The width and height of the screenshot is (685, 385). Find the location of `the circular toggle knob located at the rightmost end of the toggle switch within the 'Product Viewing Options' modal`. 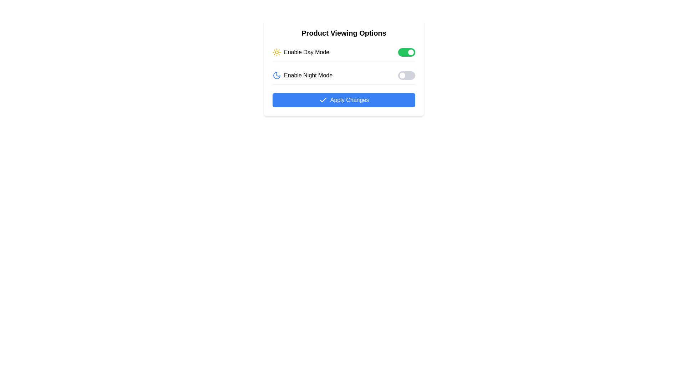

the circular toggle knob located at the rightmost end of the toggle switch within the 'Product Viewing Options' modal is located at coordinates (411, 52).